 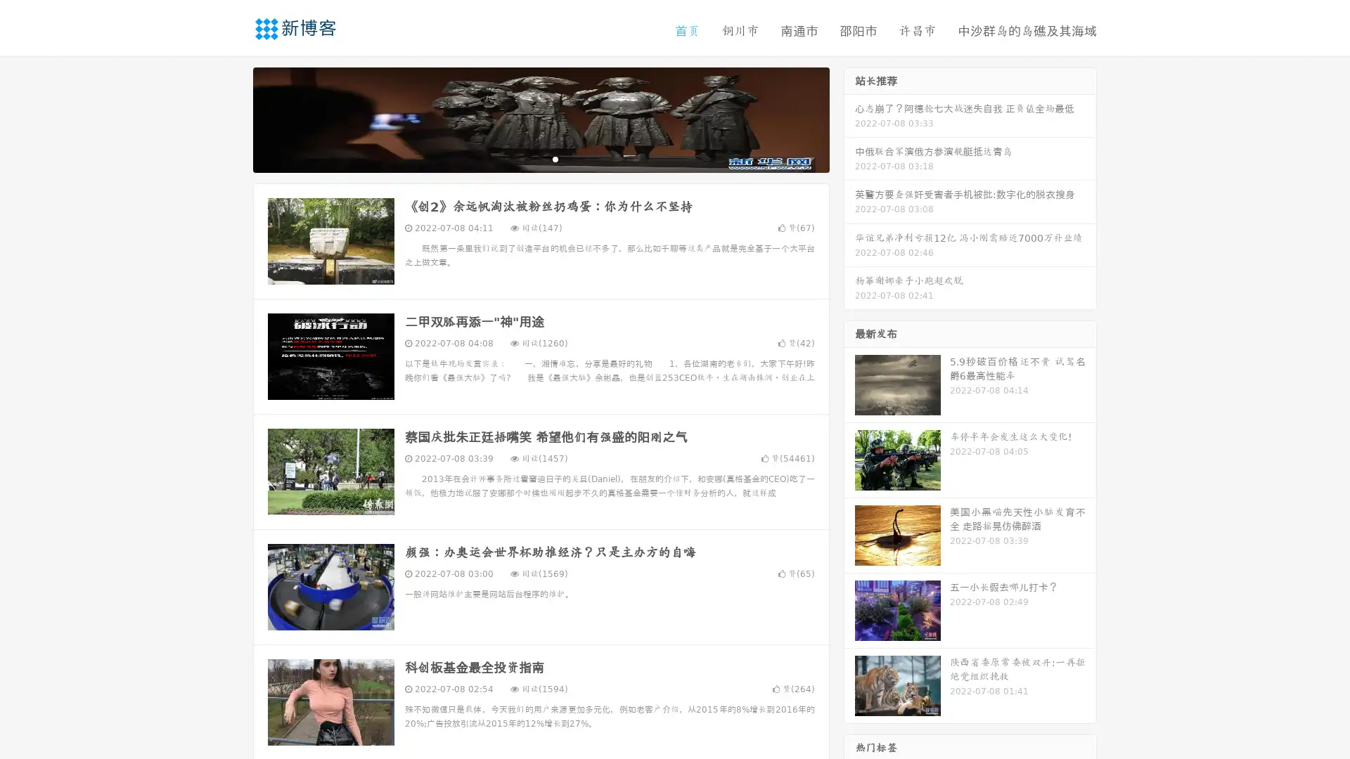 I want to click on Previous slide, so click(x=232, y=118).